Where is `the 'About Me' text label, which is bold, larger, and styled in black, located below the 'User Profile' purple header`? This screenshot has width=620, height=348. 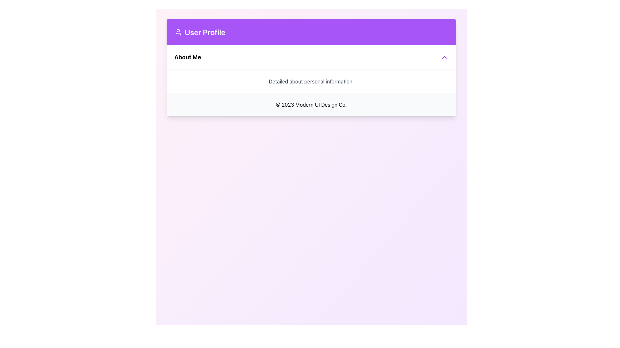 the 'About Me' text label, which is bold, larger, and styled in black, located below the 'User Profile' purple header is located at coordinates (187, 57).